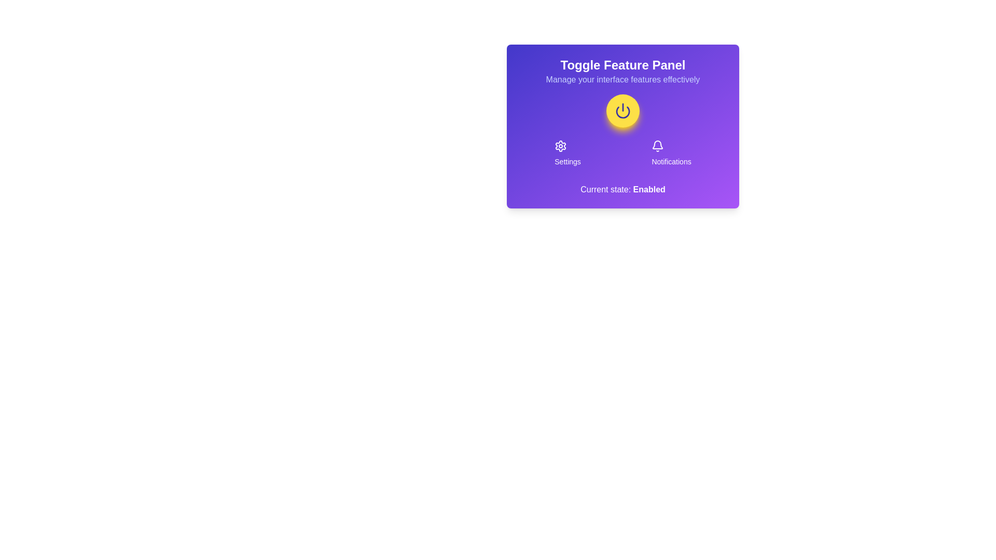 This screenshot has width=996, height=560. Describe the element at coordinates (567, 153) in the screenshot. I see `the leftmost Icon with Label Text element, which facilitates navigation for system or application settings` at that location.